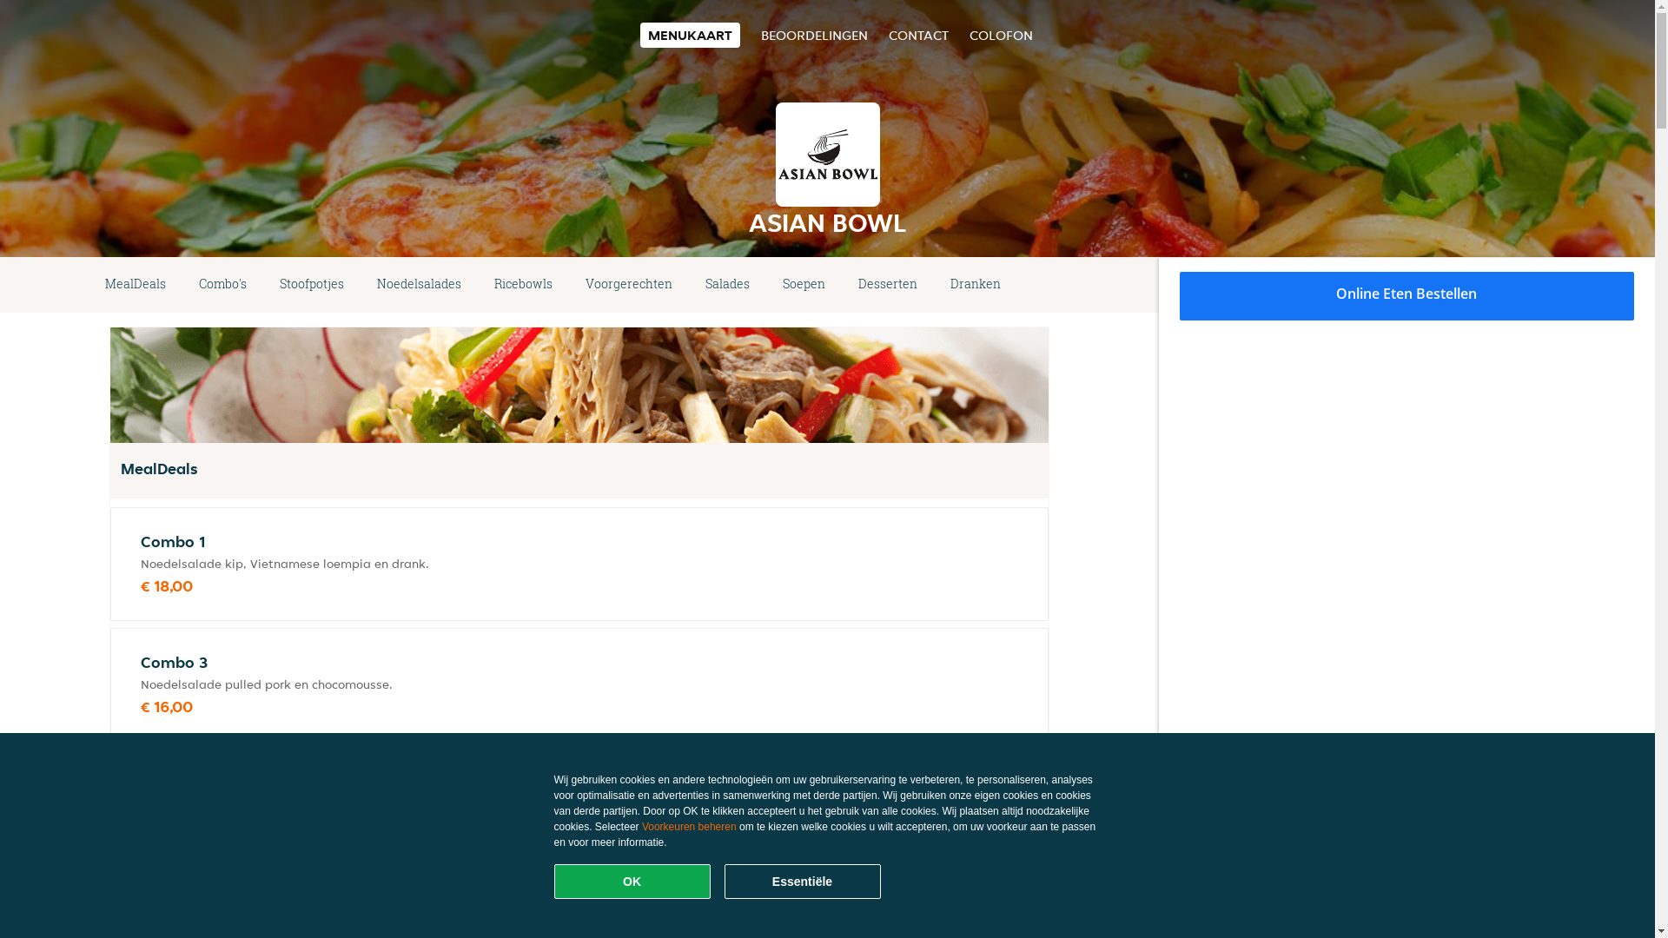 This screenshot has height=938, width=1668. I want to click on 'Voorkeuren beheren', so click(688, 826).